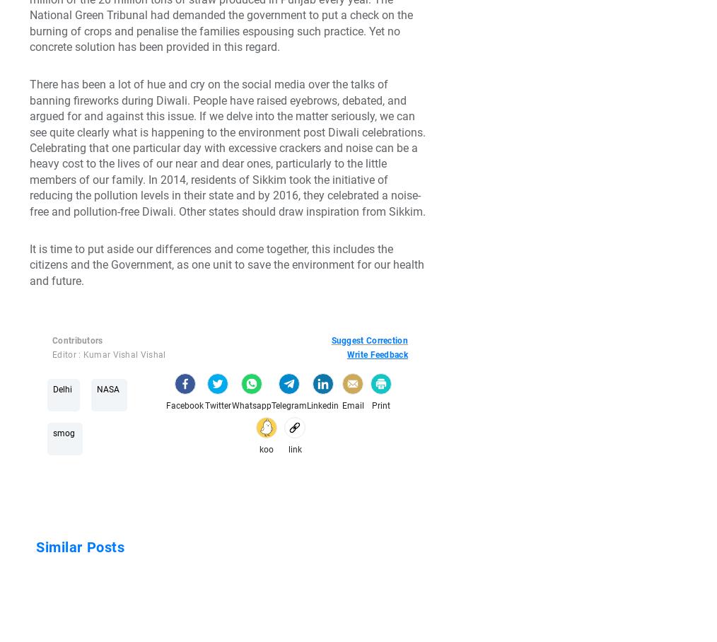 Image resolution: width=717 pixels, height=642 pixels. What do you see at coordinates (376, 355) in the screenshot?
I see `'Write Feedback'` at bounding box center [376, 355].